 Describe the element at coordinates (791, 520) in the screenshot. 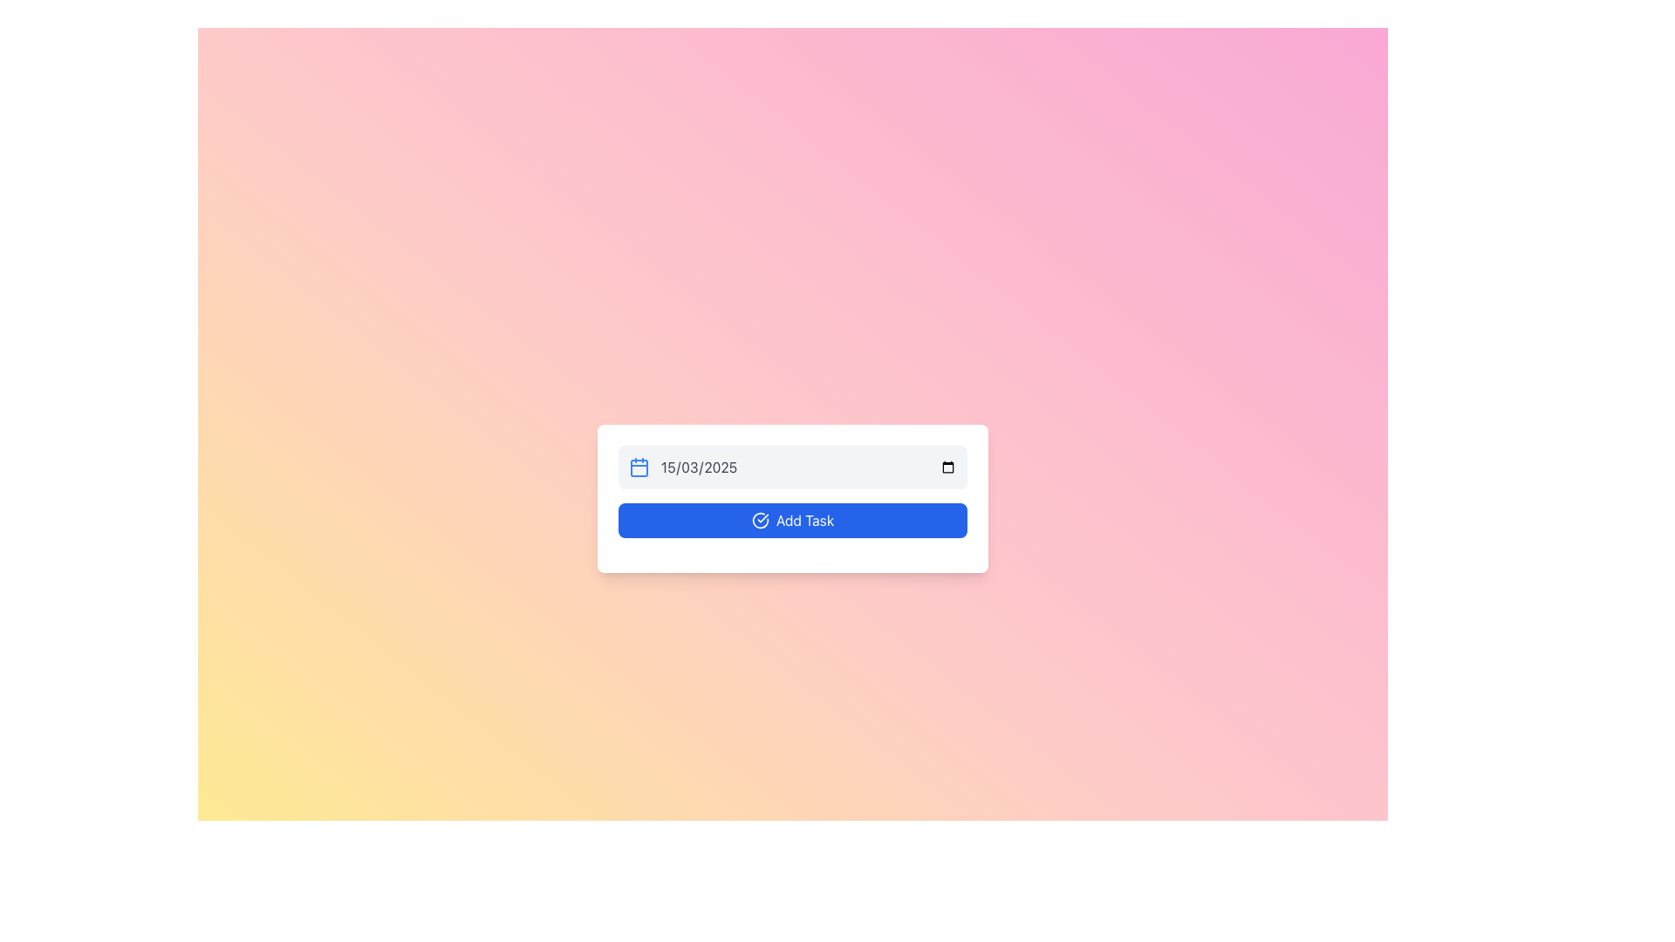

I see `the blue rectangular button labeled 'Add Task' with a checkmark icon` at that location.